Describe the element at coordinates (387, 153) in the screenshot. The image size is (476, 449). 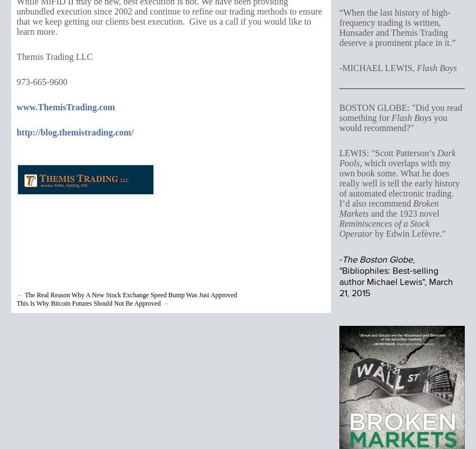
I see `'LEWIS: "Scott Patterson’s'` at that location.